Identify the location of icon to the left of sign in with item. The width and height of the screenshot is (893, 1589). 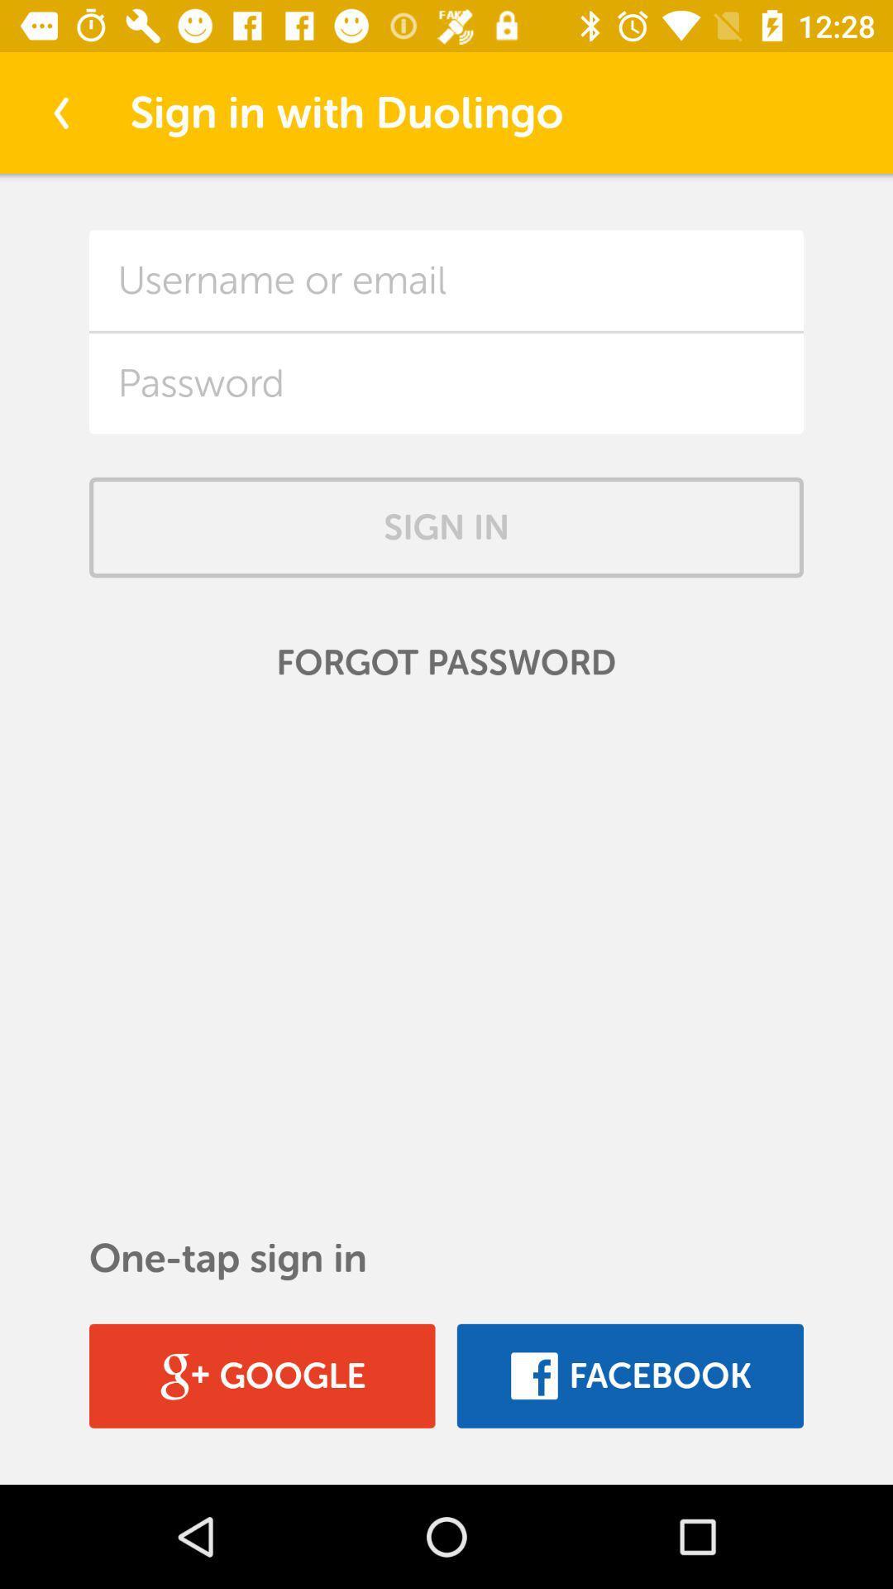
(60, 112).